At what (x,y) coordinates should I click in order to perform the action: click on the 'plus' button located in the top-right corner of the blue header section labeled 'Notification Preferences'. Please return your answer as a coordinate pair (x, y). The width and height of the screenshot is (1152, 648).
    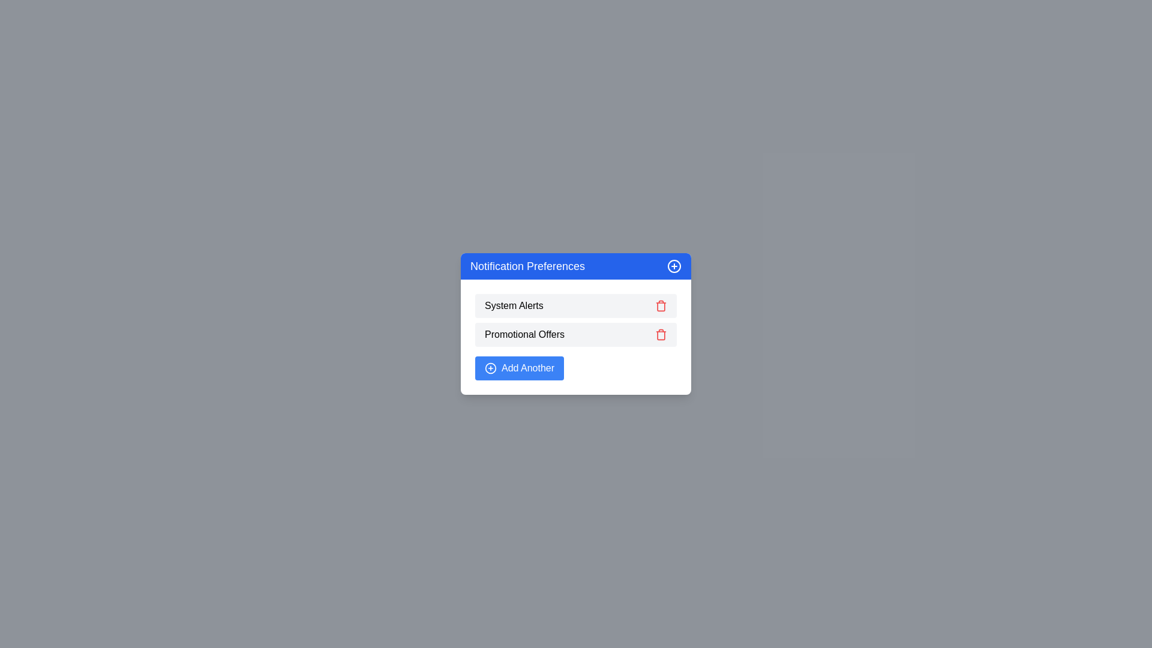
    Looking at the image, I should click on (674, 265).